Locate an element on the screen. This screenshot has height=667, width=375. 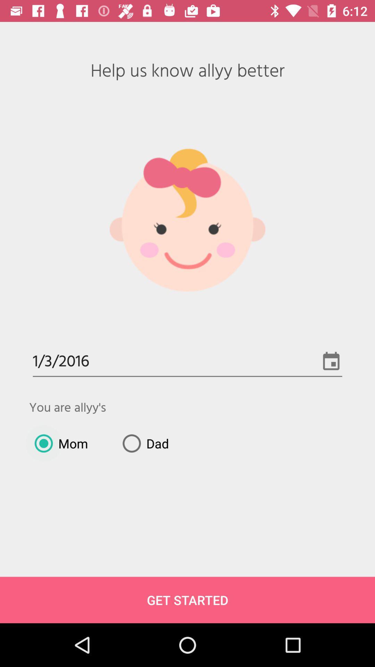
icon above the get started icon is located at coordinates (58, 443).